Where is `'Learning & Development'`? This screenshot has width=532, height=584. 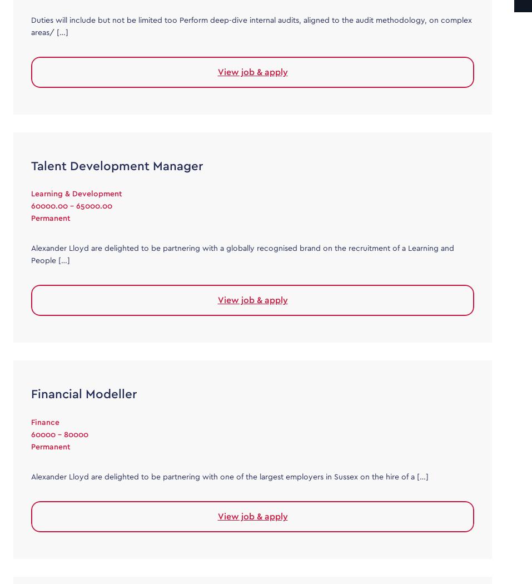
'Learning & Development' is located at coordinates (76, 194).